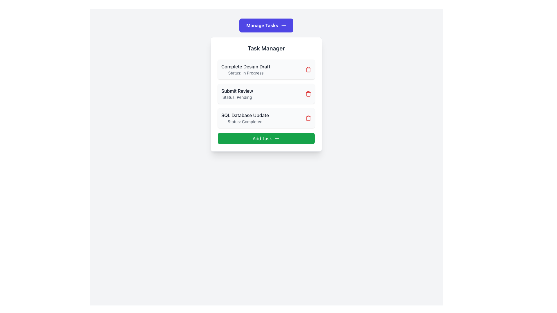 Image resolution: width=557 pixels, height=313 pixels. I want to click on the small-plus icon located to the right of the 'Add Task' button, which features a green background and a white cross, so click(277, 139).